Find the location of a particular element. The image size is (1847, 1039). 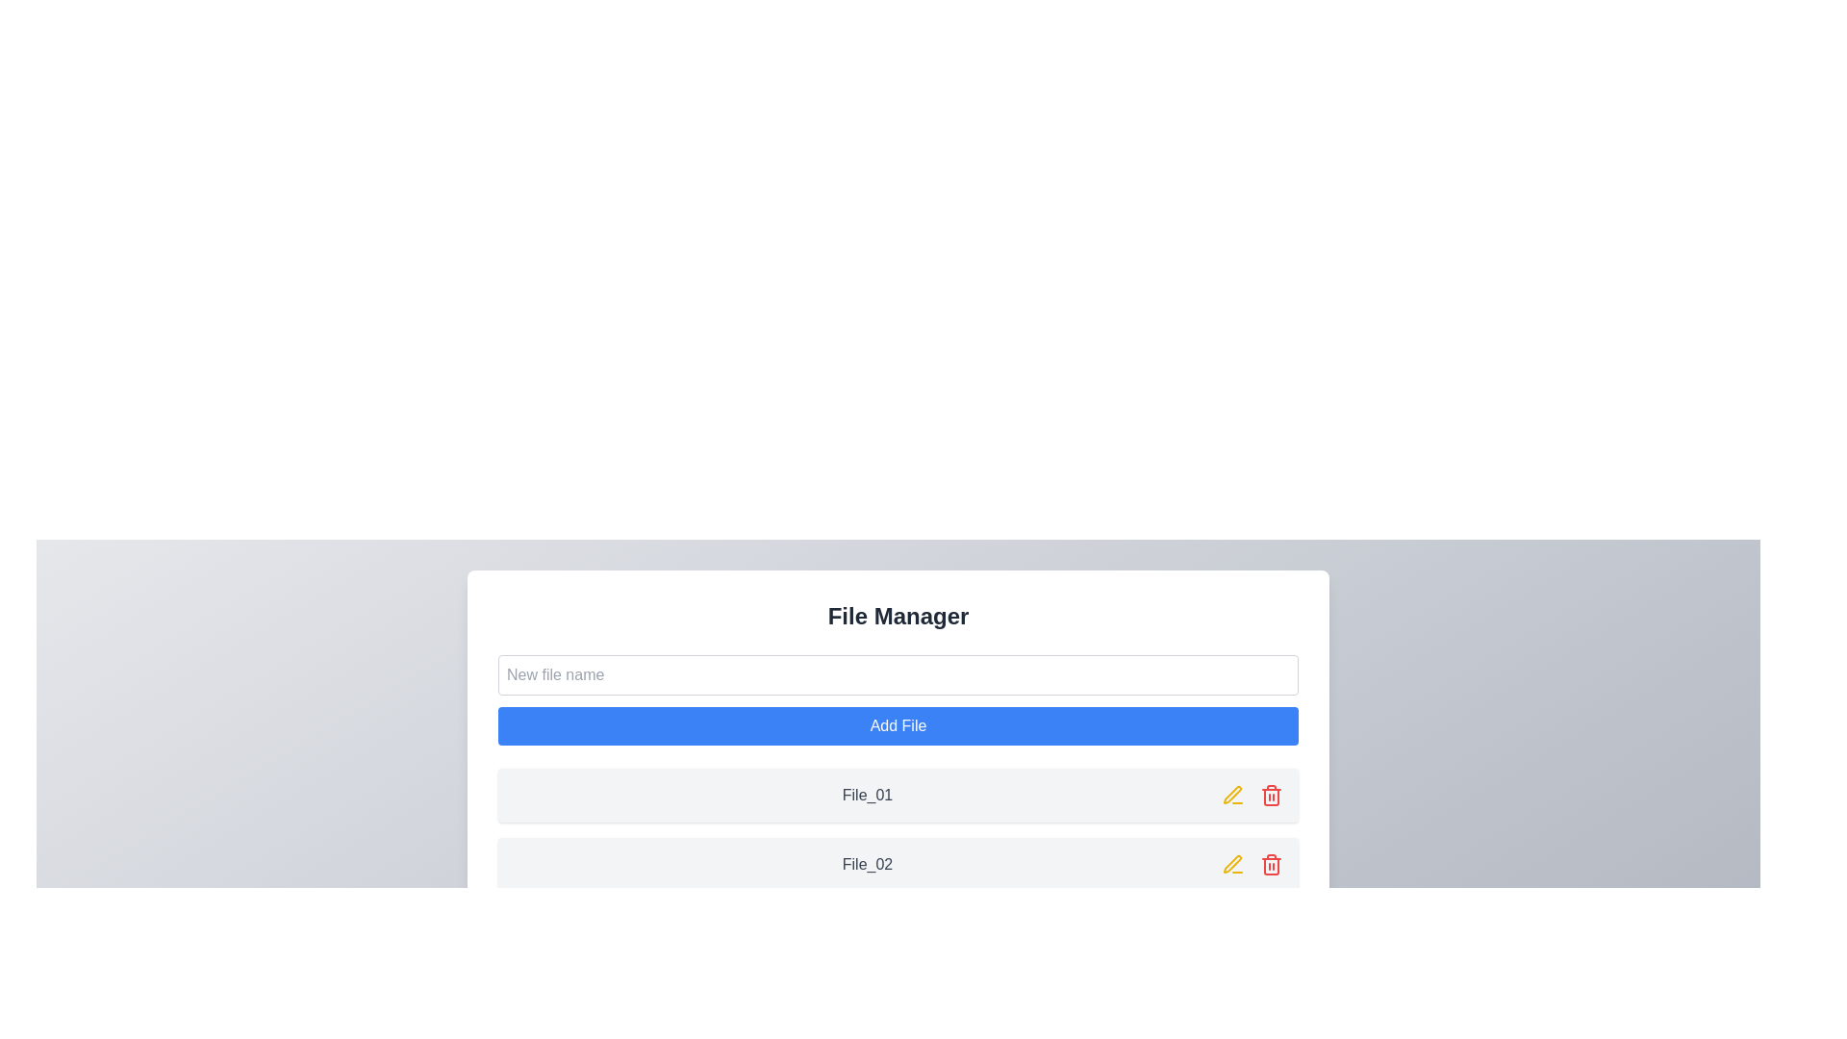

the Text label that displays the name of an item in the file list, located in the second row of the file entries, to help identify the file is located at coordinates (867, 863).